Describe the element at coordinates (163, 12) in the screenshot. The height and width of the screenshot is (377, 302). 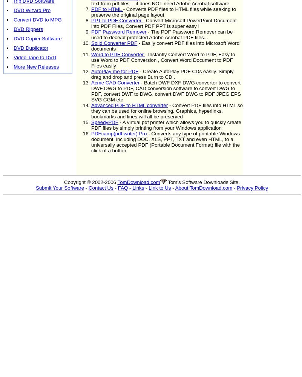
I see `'- Converts PDF files to HTML files while seeking to preserve the original page layout'` at that location.